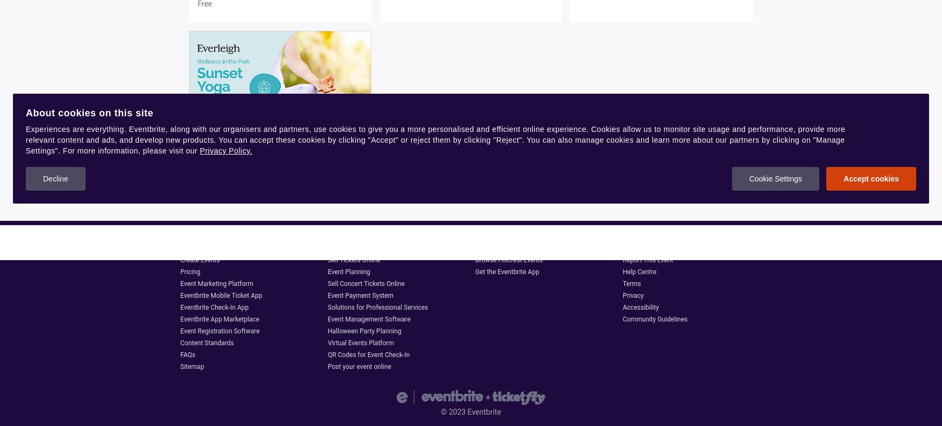 The image size is (942, 426). What do you see at coordinates (180, 331) in the screenshot?
I see `'Event Registration Software'` at bounding box center [180, 331].